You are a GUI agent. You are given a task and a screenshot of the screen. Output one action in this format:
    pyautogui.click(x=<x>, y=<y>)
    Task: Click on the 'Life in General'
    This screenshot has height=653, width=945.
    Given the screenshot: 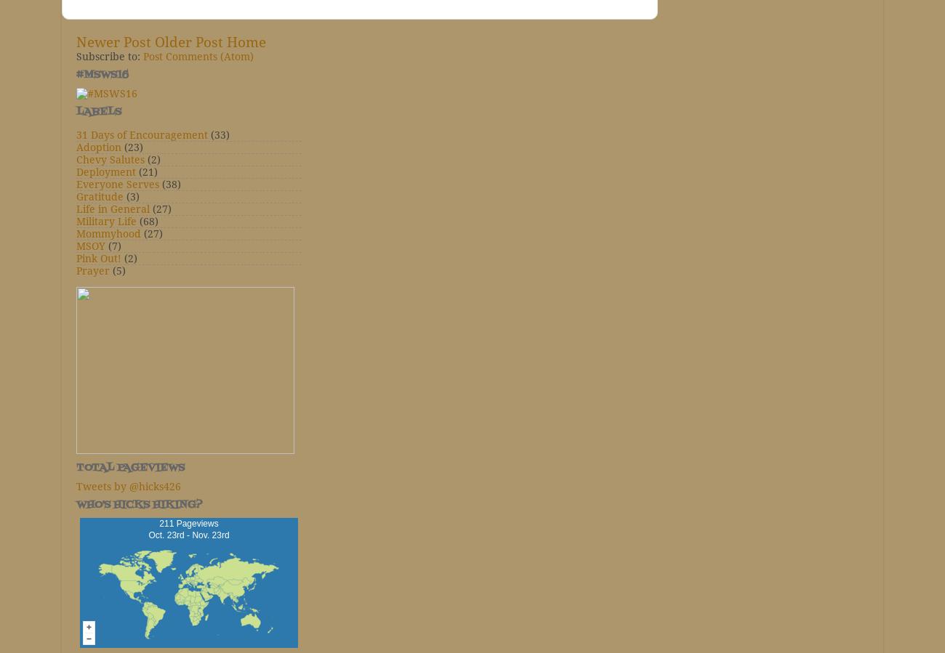 What is the action you would take?
    pyautogui.click(x=112, y=209)
    